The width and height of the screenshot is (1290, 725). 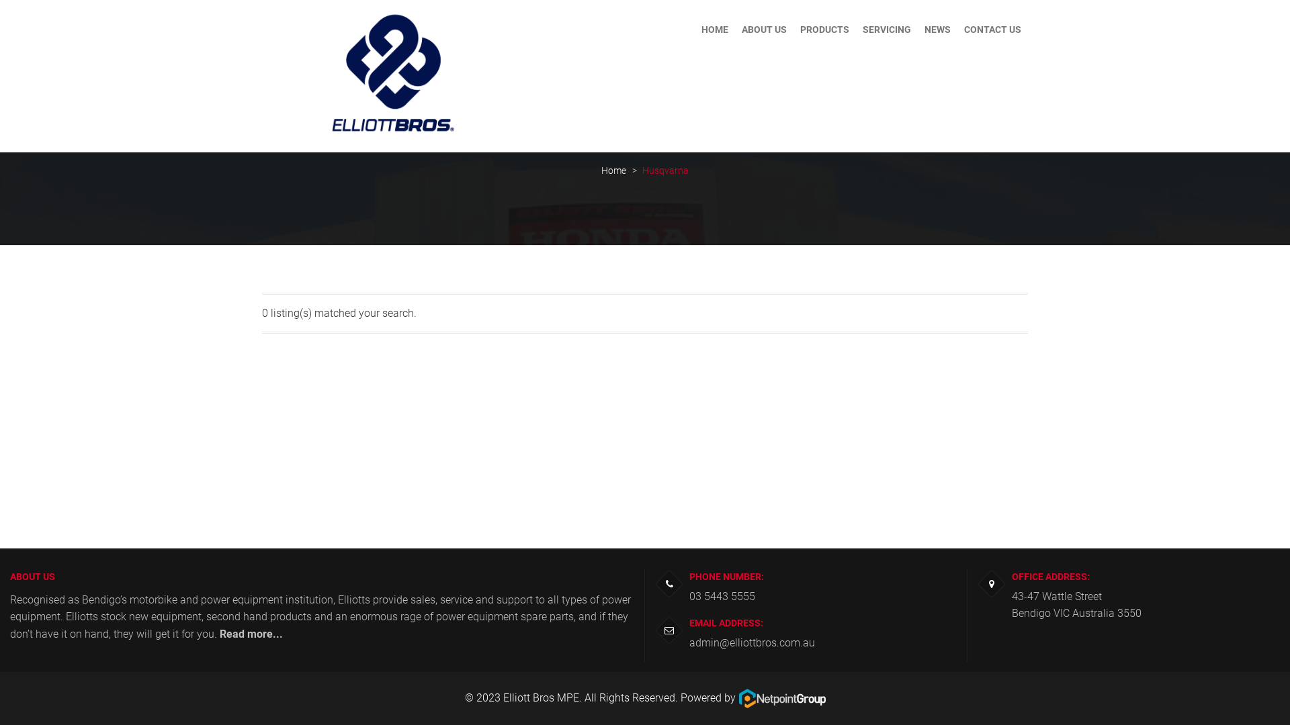 What do you see at coordinates (887, 29) in the screenshot?
I see `'SERVICING'` at bounding box center [887, 29].